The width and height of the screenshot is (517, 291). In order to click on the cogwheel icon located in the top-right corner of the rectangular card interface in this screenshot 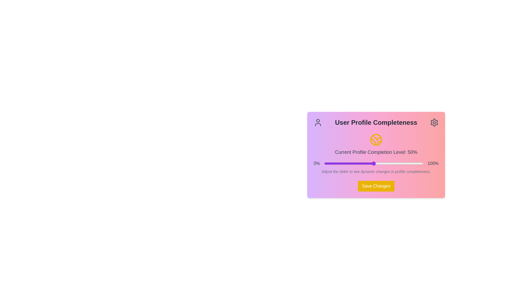, I will do `click(434, 123)`.